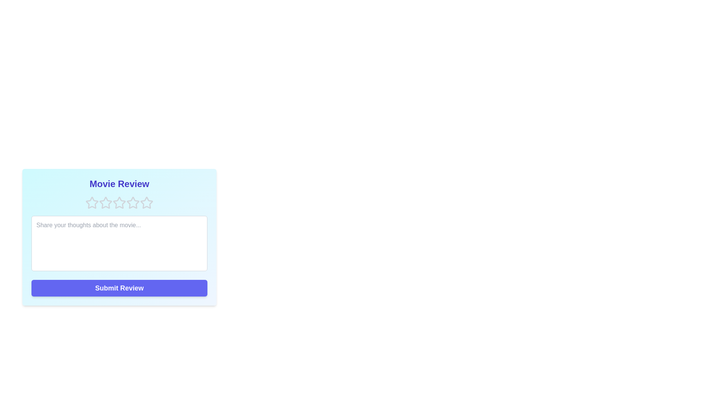  Describe the element at coordinates (92, 203) in the screenshot. I see `the star corresponding to 1 to set the rating` at that location.